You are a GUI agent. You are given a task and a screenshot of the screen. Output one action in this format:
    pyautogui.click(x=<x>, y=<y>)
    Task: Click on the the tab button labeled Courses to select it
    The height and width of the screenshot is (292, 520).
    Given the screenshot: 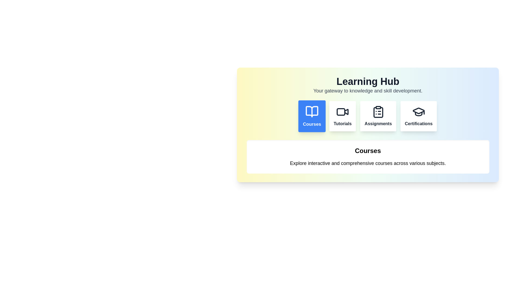 What is the action you would take?
    pyautogui.click(x=312, y=116)
    